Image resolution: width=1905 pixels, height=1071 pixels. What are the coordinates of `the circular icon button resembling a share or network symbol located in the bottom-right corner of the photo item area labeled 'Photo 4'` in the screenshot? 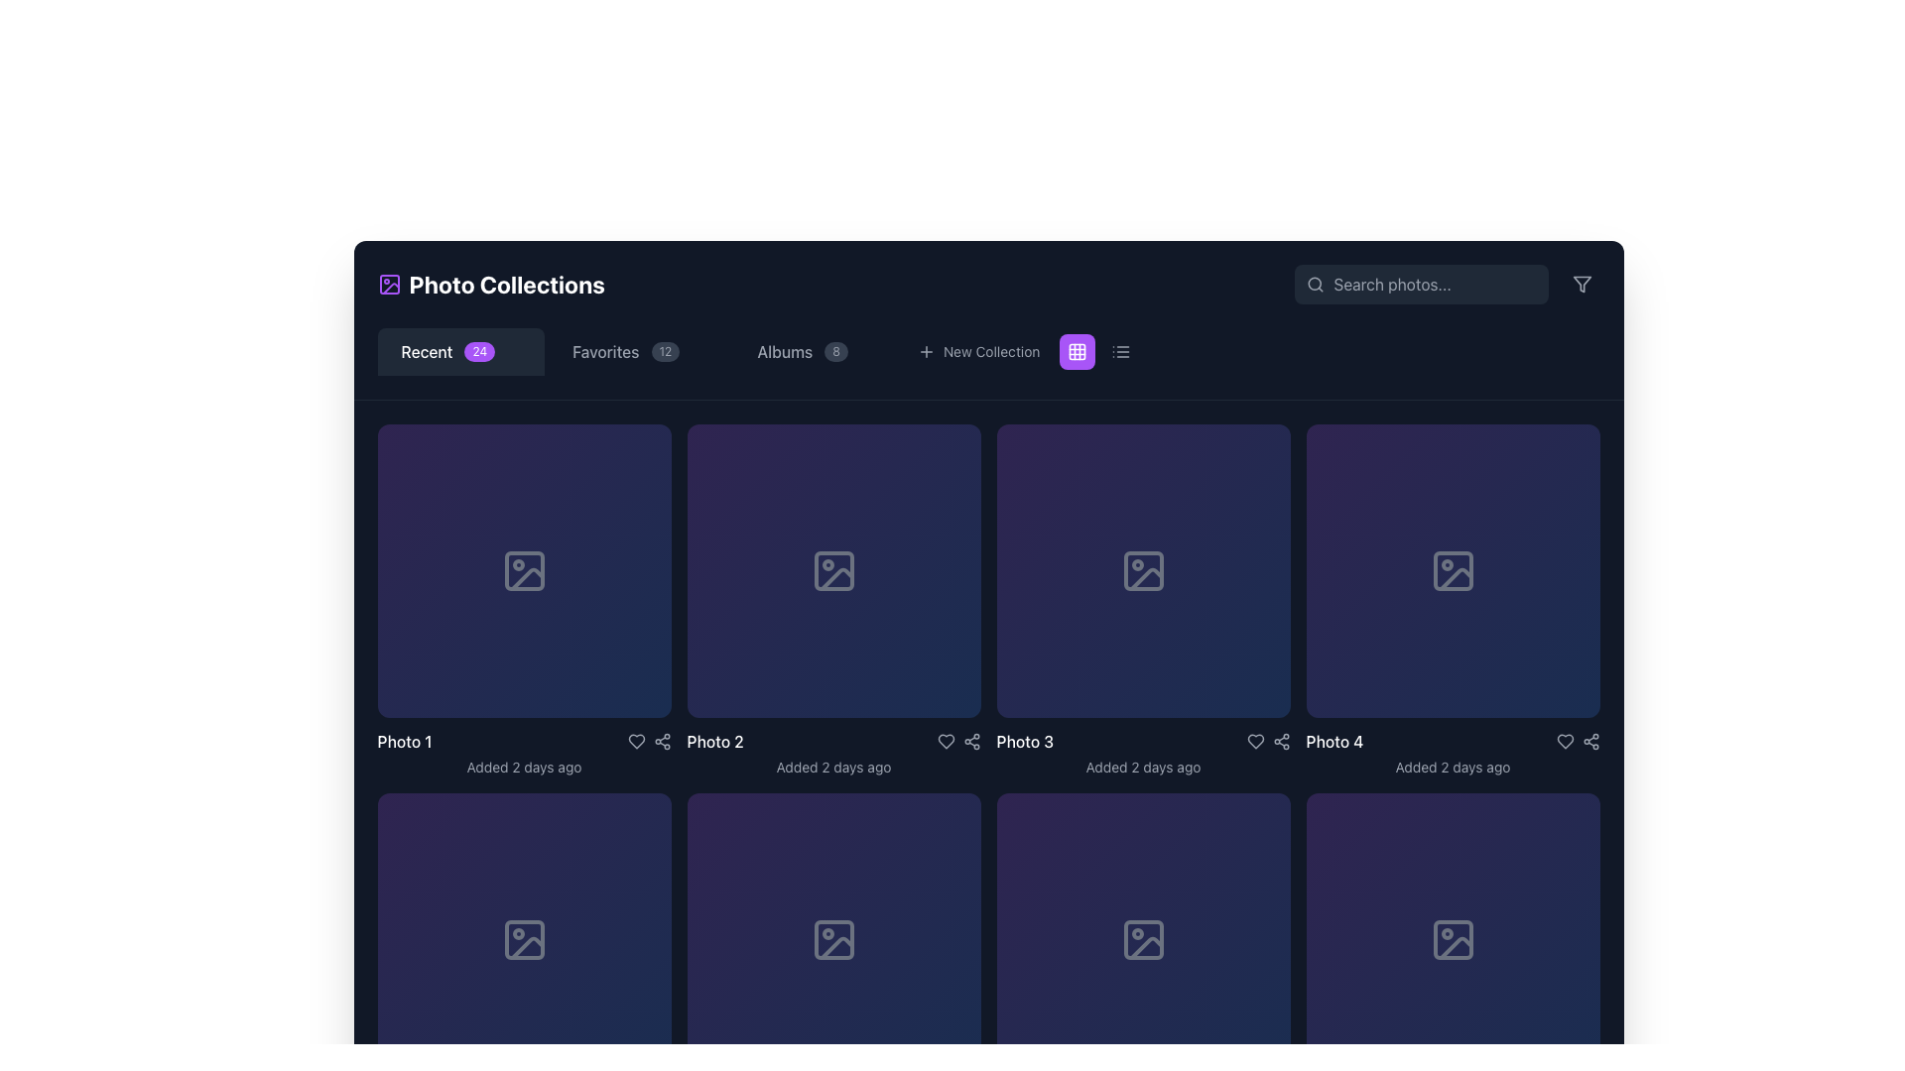 It's located at (1590, 742).